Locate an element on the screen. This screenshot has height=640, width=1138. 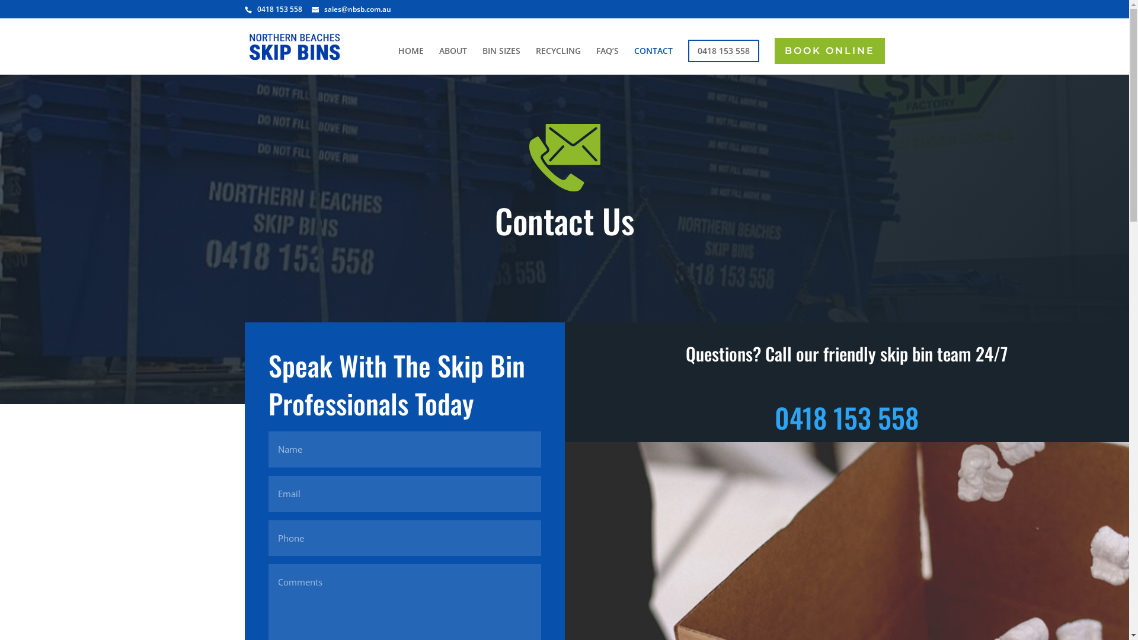
'ABOUT' is located at coordinates (452, 60).